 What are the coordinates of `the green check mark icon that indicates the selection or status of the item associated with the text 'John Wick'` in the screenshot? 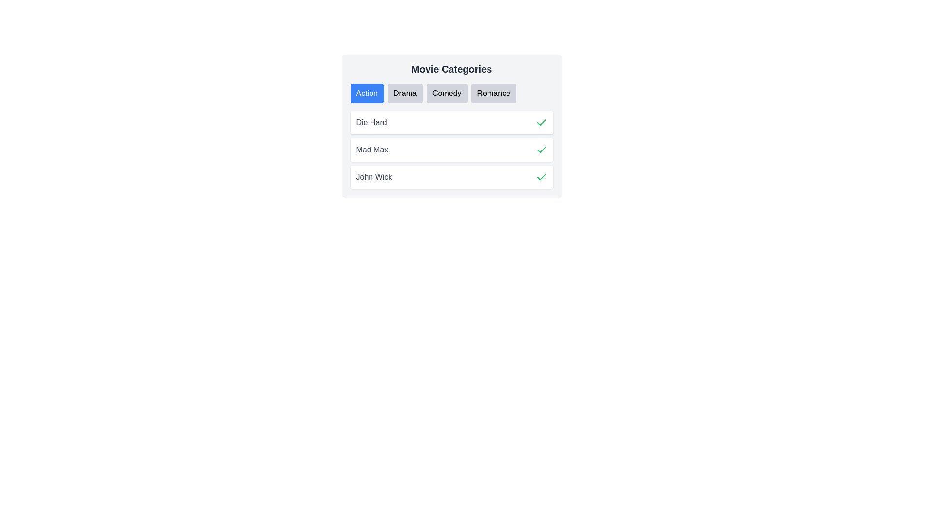 It's located at (541, 177).